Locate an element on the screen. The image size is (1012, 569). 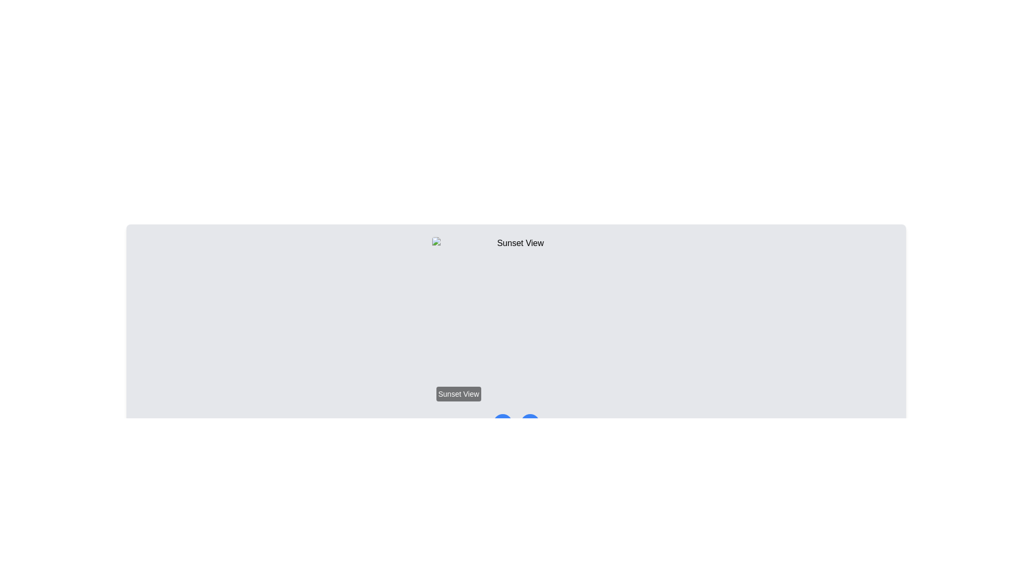
the second circular blue button with a right-pointing chevron is located at coordinates (530, 423).